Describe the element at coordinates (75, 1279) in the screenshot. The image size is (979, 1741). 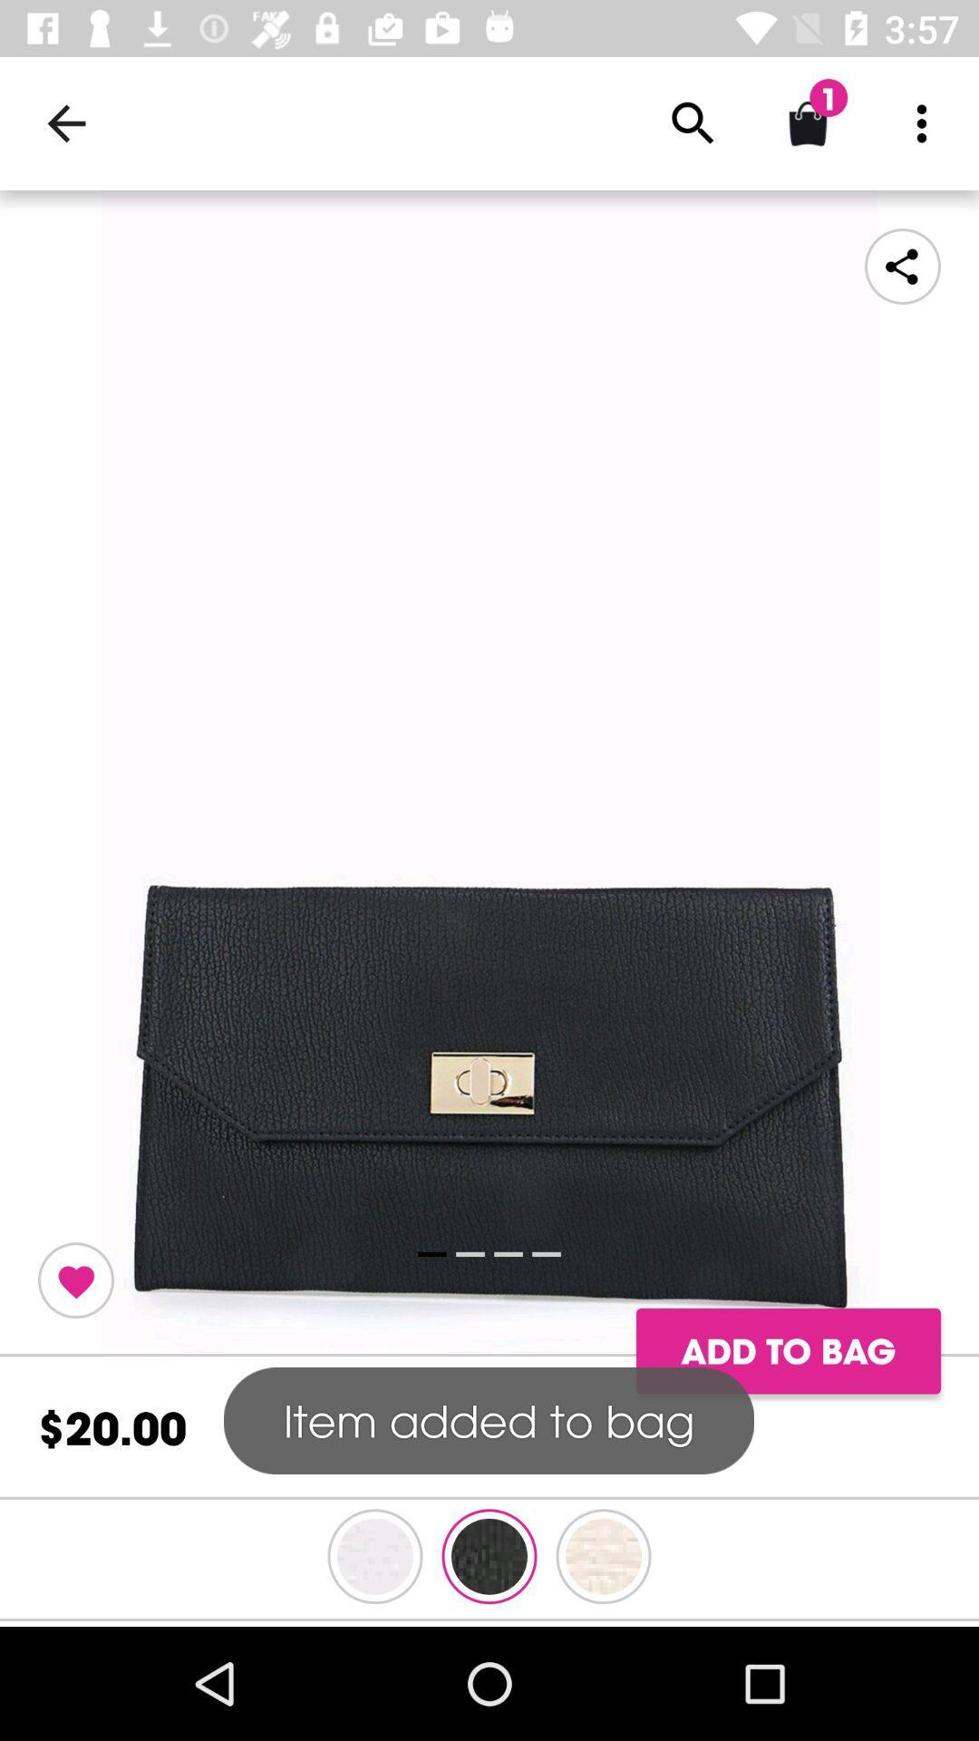
I see `the favorite icon` at that location.